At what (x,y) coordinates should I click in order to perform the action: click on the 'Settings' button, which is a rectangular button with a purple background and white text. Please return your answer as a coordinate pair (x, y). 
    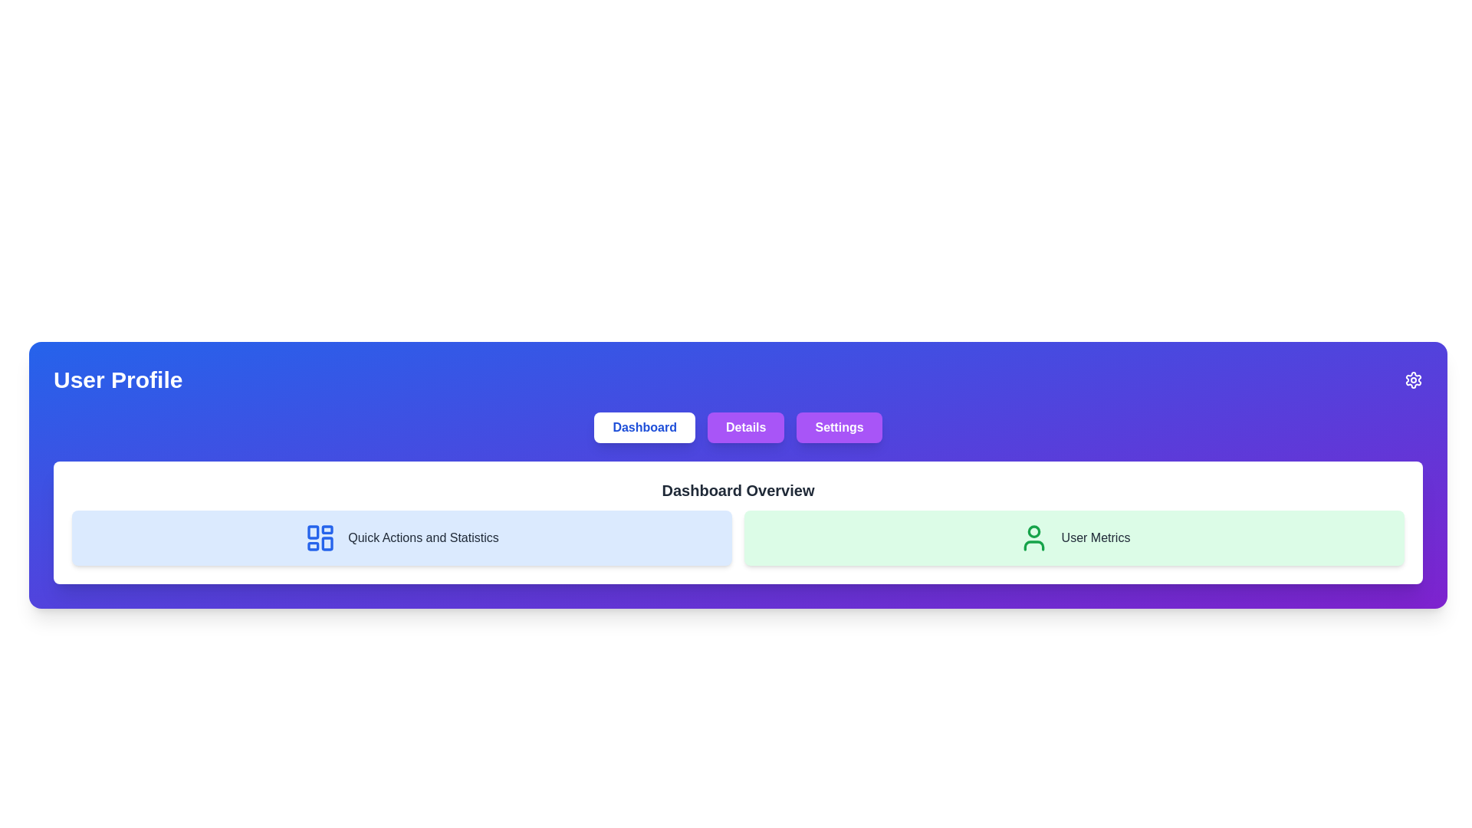
    Looking at the image, I should click on (838, 428).